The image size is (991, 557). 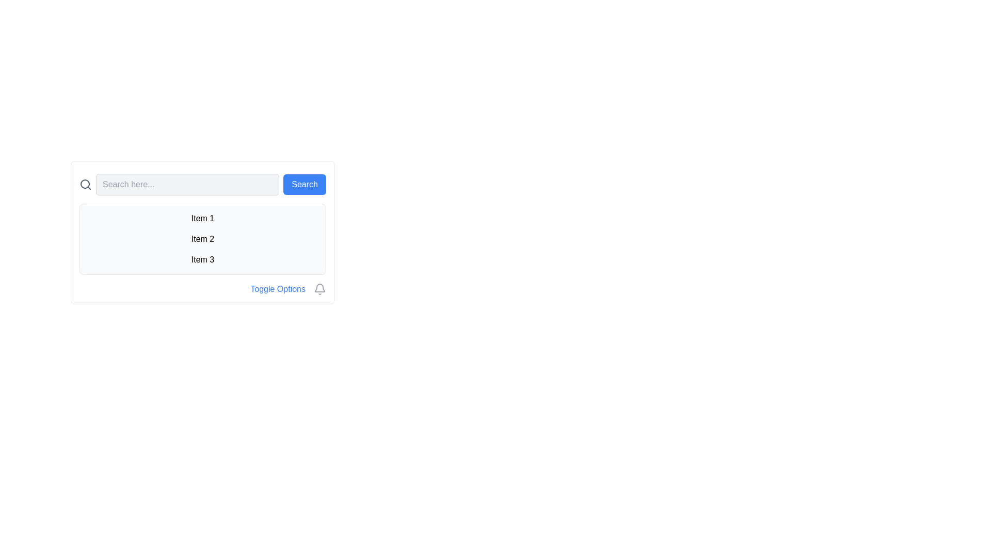 What do you see at coordinates (203, 239) in the screenshot?
I see `the list item displaying 'Item 2'` at bounding box center [203, 239].